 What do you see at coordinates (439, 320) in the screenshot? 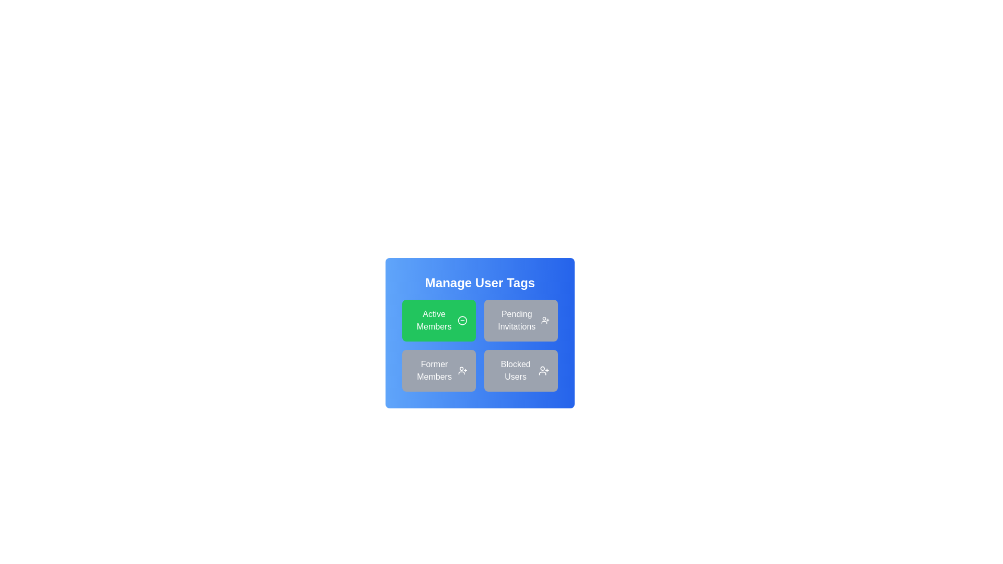
I see `the interactive button for viewing or managing active members in the system, located in the top-left corner of the grid under 'Manage User Tags'` at bounding box center [439, 320].